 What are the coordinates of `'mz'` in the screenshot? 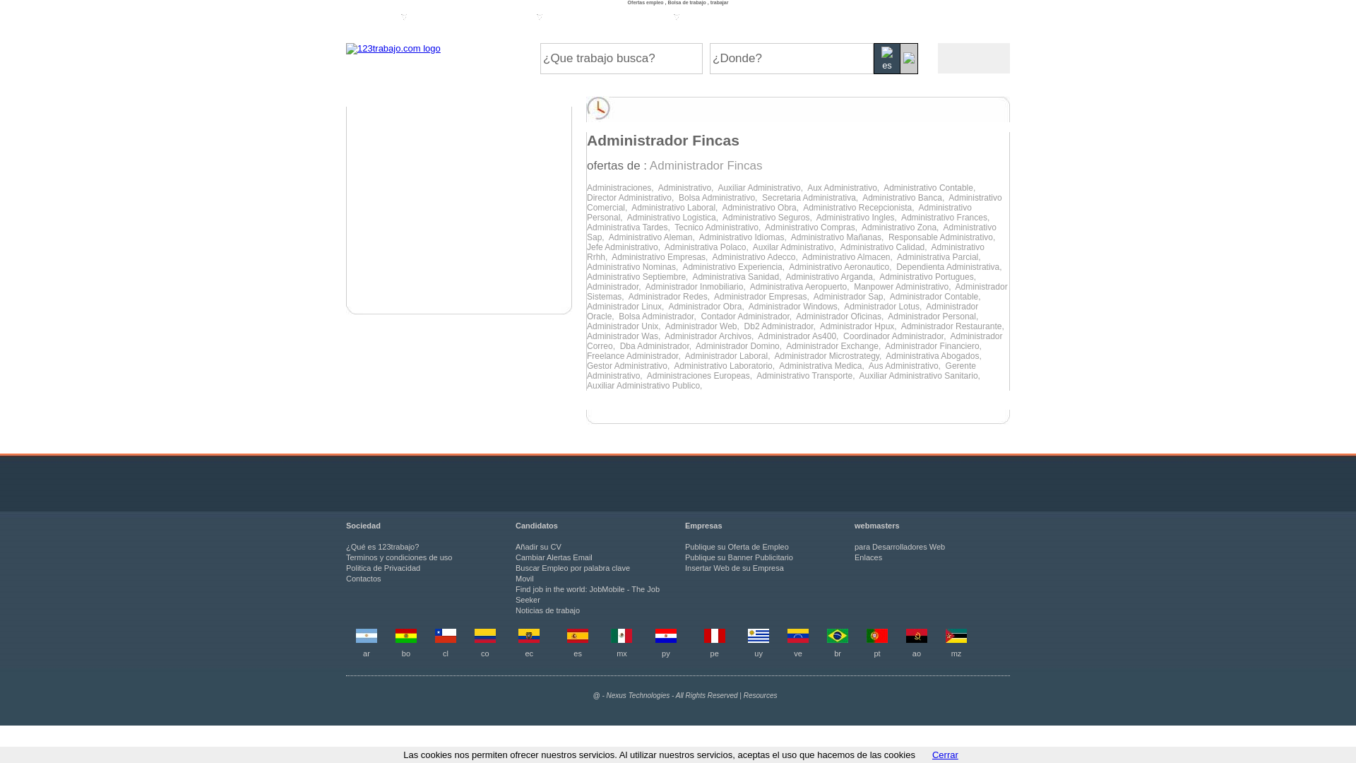 It's located at (956, 653).